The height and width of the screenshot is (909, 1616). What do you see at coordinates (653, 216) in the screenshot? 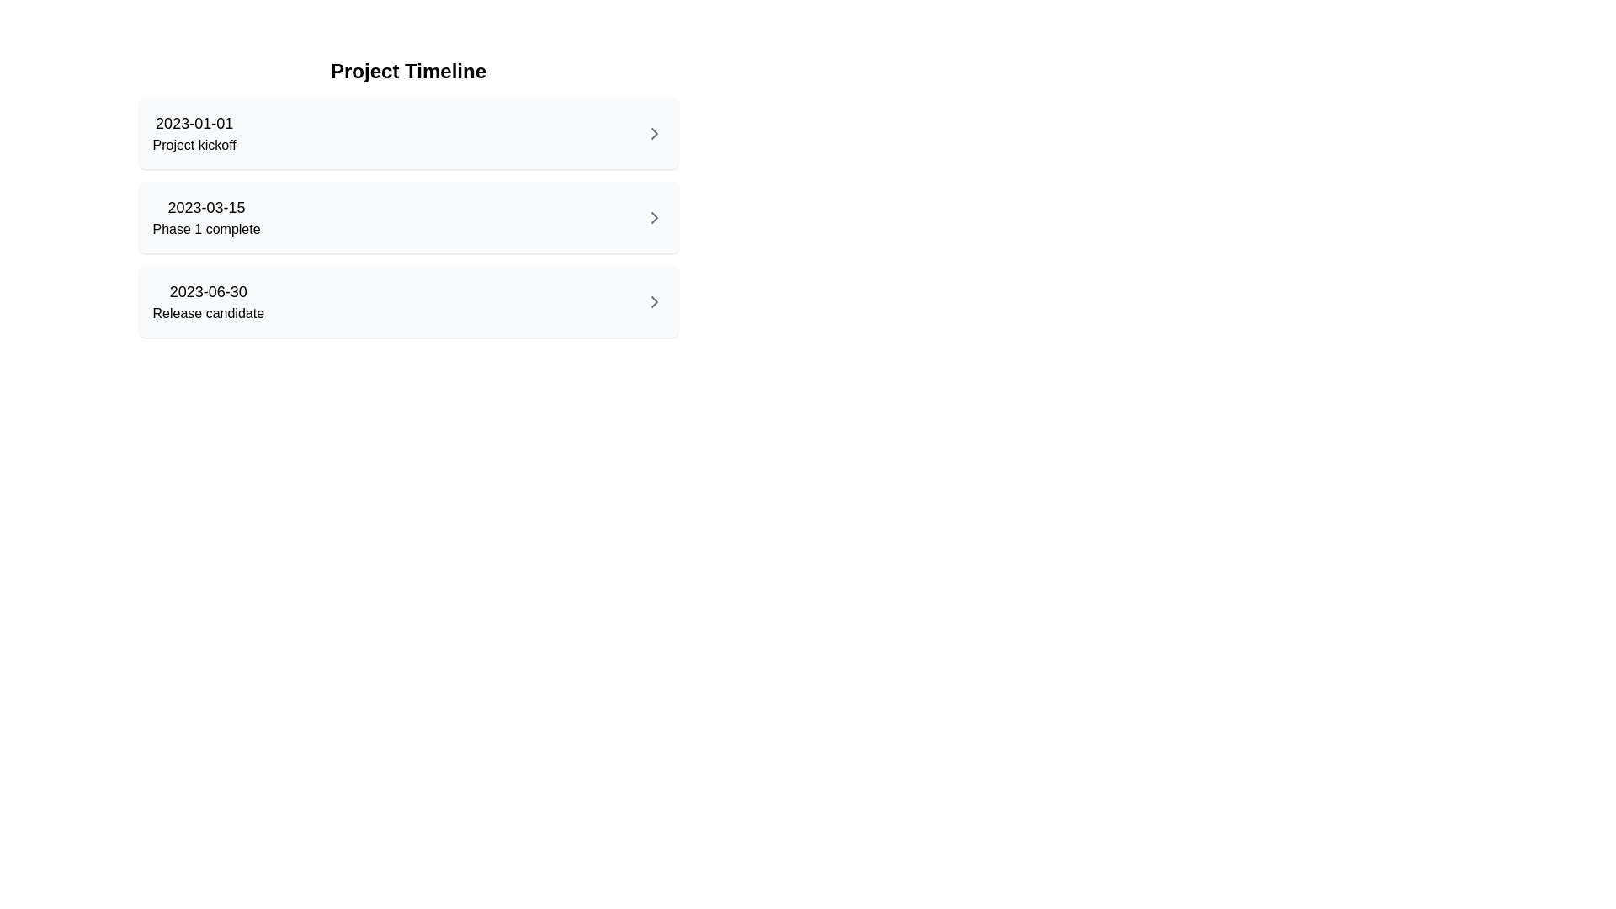
I see `the Icon within the SVG element that indicates actionable functionality for the second item in the milestones list, specifically aligned with the date '2023-03-15 Phase 1 complete.'` at bounding box center [653, 216].